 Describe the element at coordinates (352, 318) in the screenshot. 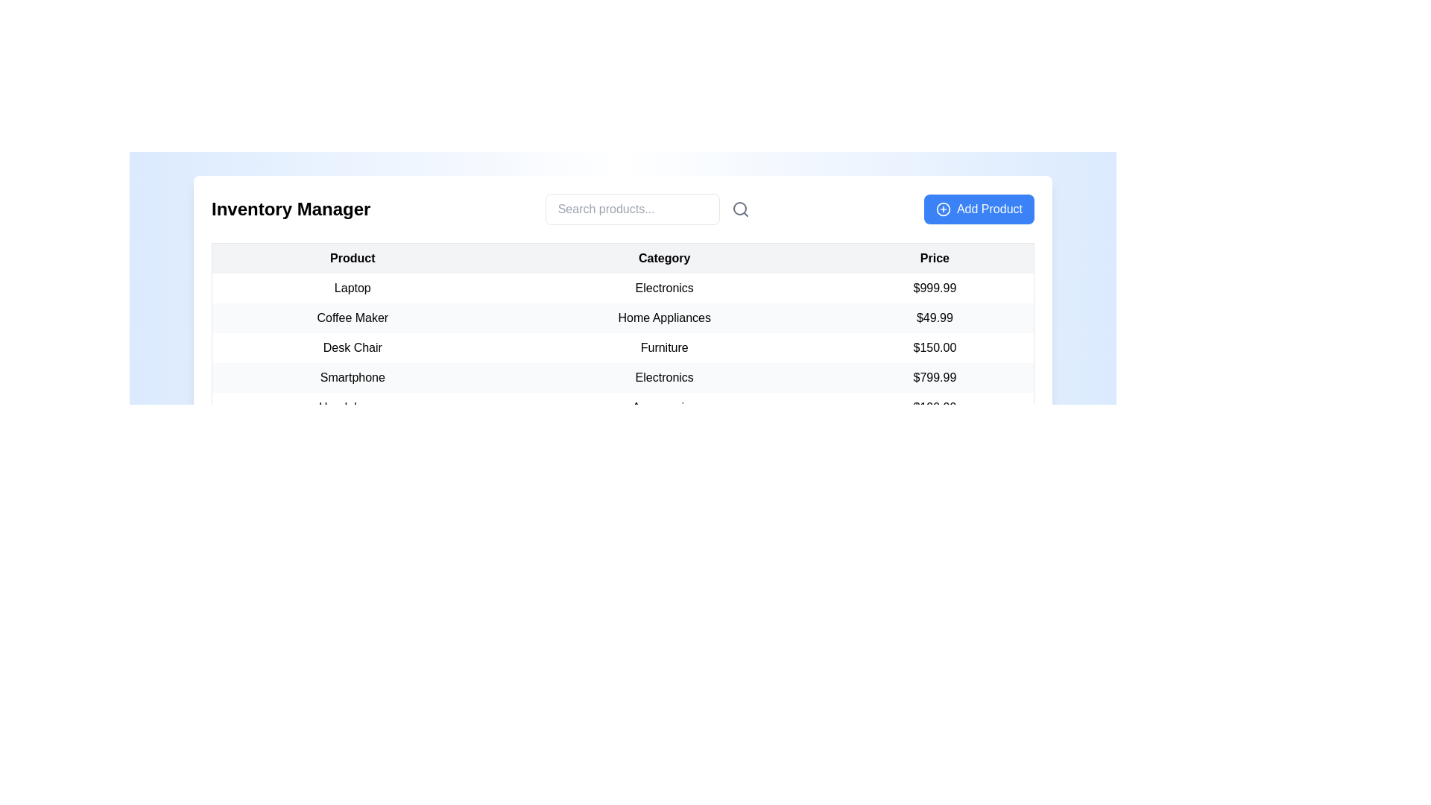

I see `the text label displaying the product name in the second row of the table under the 'Product' column` at that location.